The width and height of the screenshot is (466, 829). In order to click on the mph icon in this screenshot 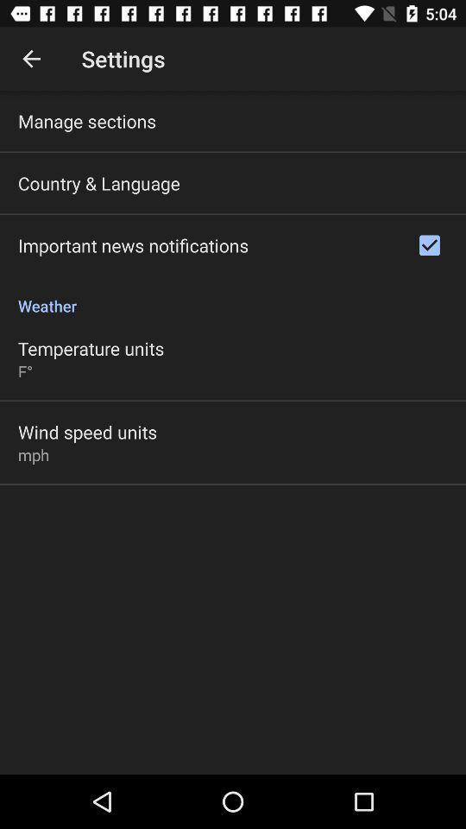, I will do `click(34, 453)`.